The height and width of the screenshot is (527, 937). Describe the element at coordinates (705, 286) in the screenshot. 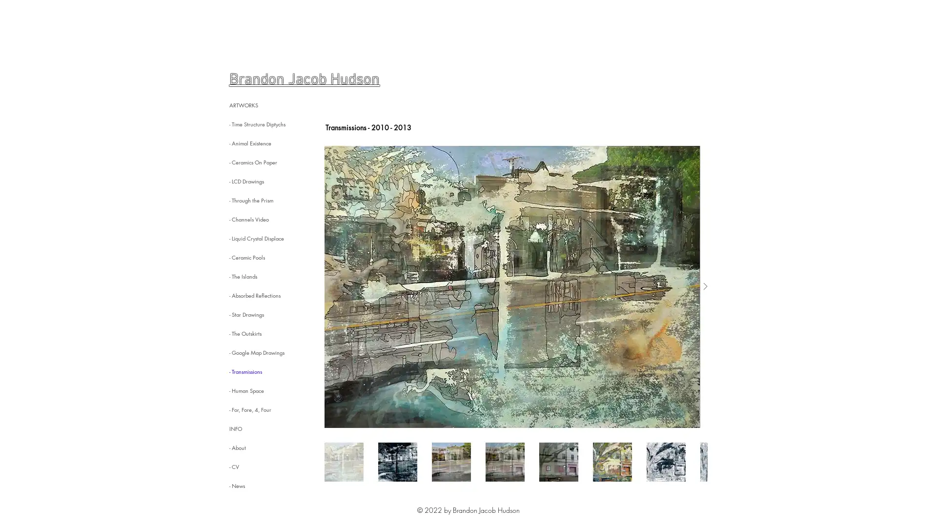

I see `Next Item` at that location.